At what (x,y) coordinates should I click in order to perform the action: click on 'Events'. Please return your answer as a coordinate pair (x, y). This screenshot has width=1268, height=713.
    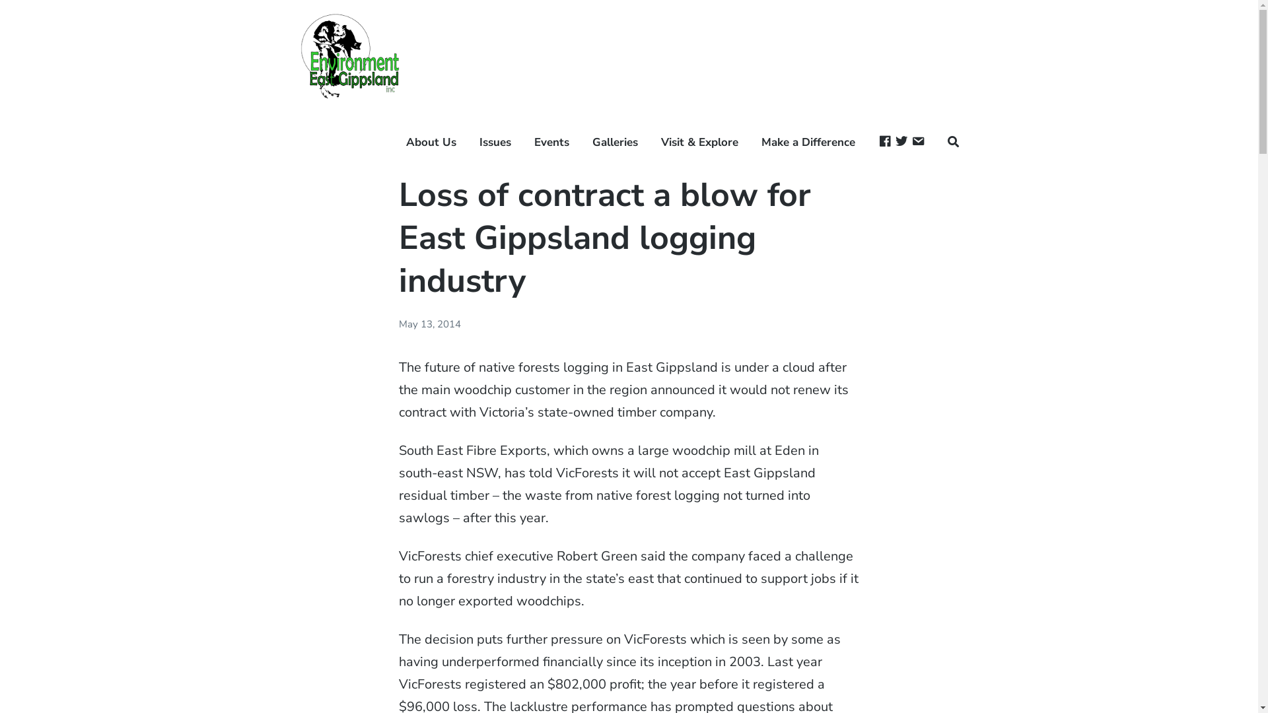
    Looking at the image, I should click on (551, 143).